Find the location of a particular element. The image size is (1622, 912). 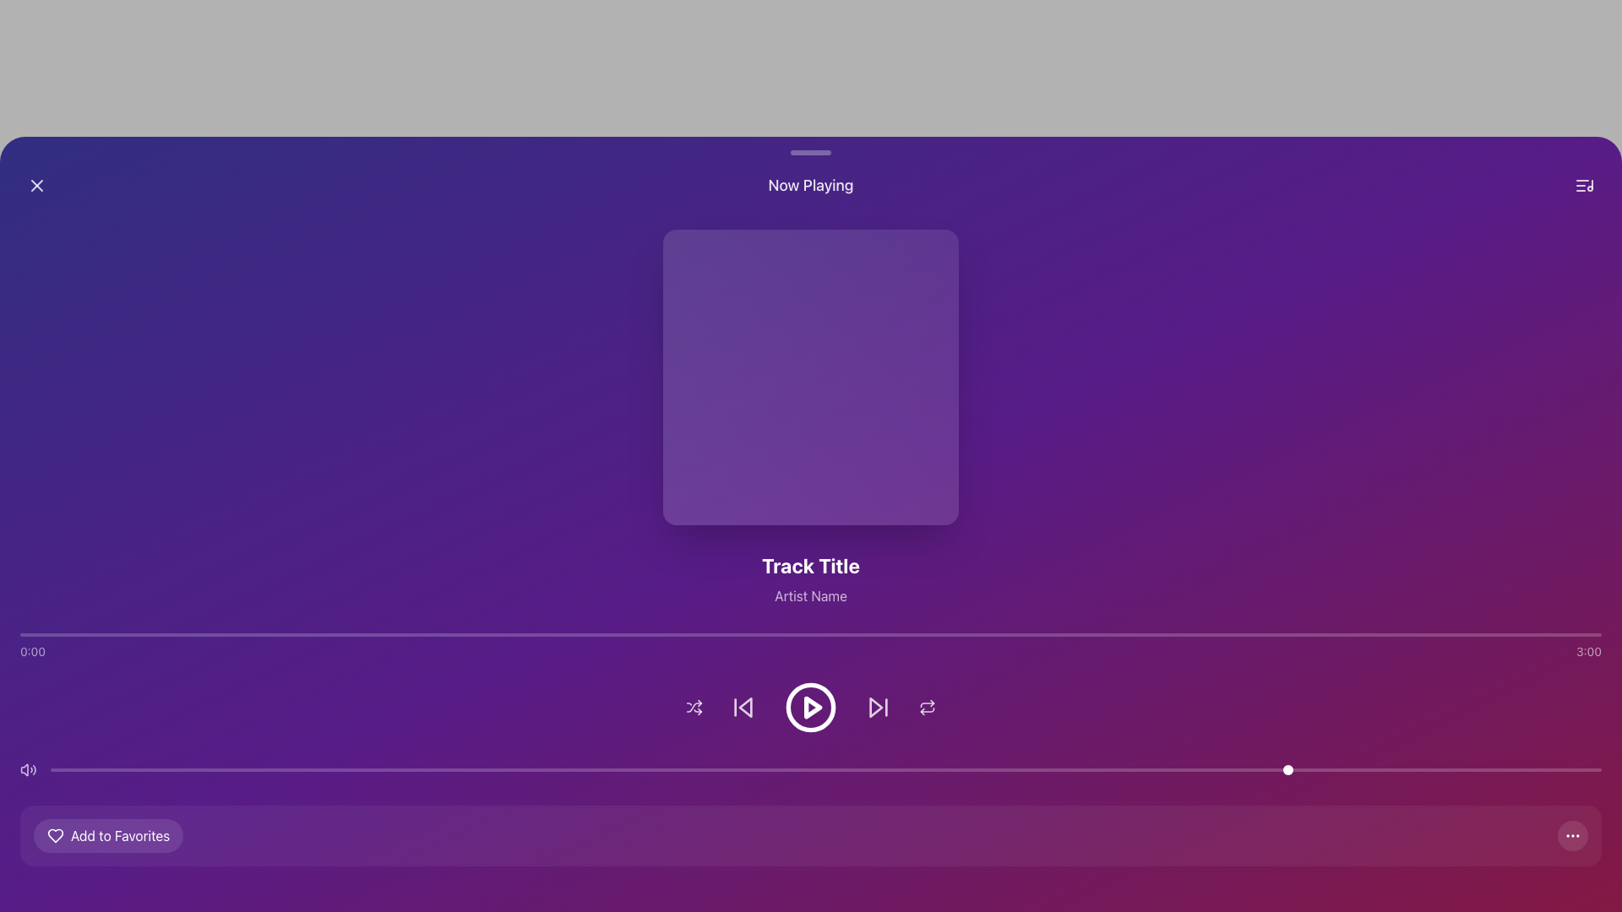

the triangular-shaped 'Skip Forward' button located in the lower control section of the media player interface to skip forward in playback is located at coordinates (875, 707).